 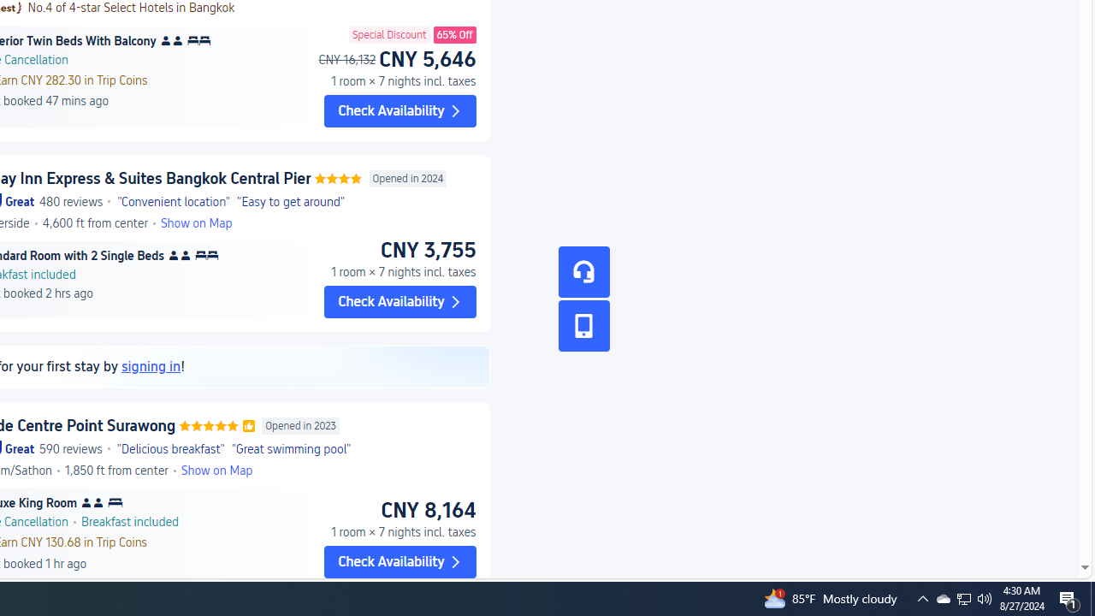 I want to click on '480 reviews', so click(x=70, y=200).